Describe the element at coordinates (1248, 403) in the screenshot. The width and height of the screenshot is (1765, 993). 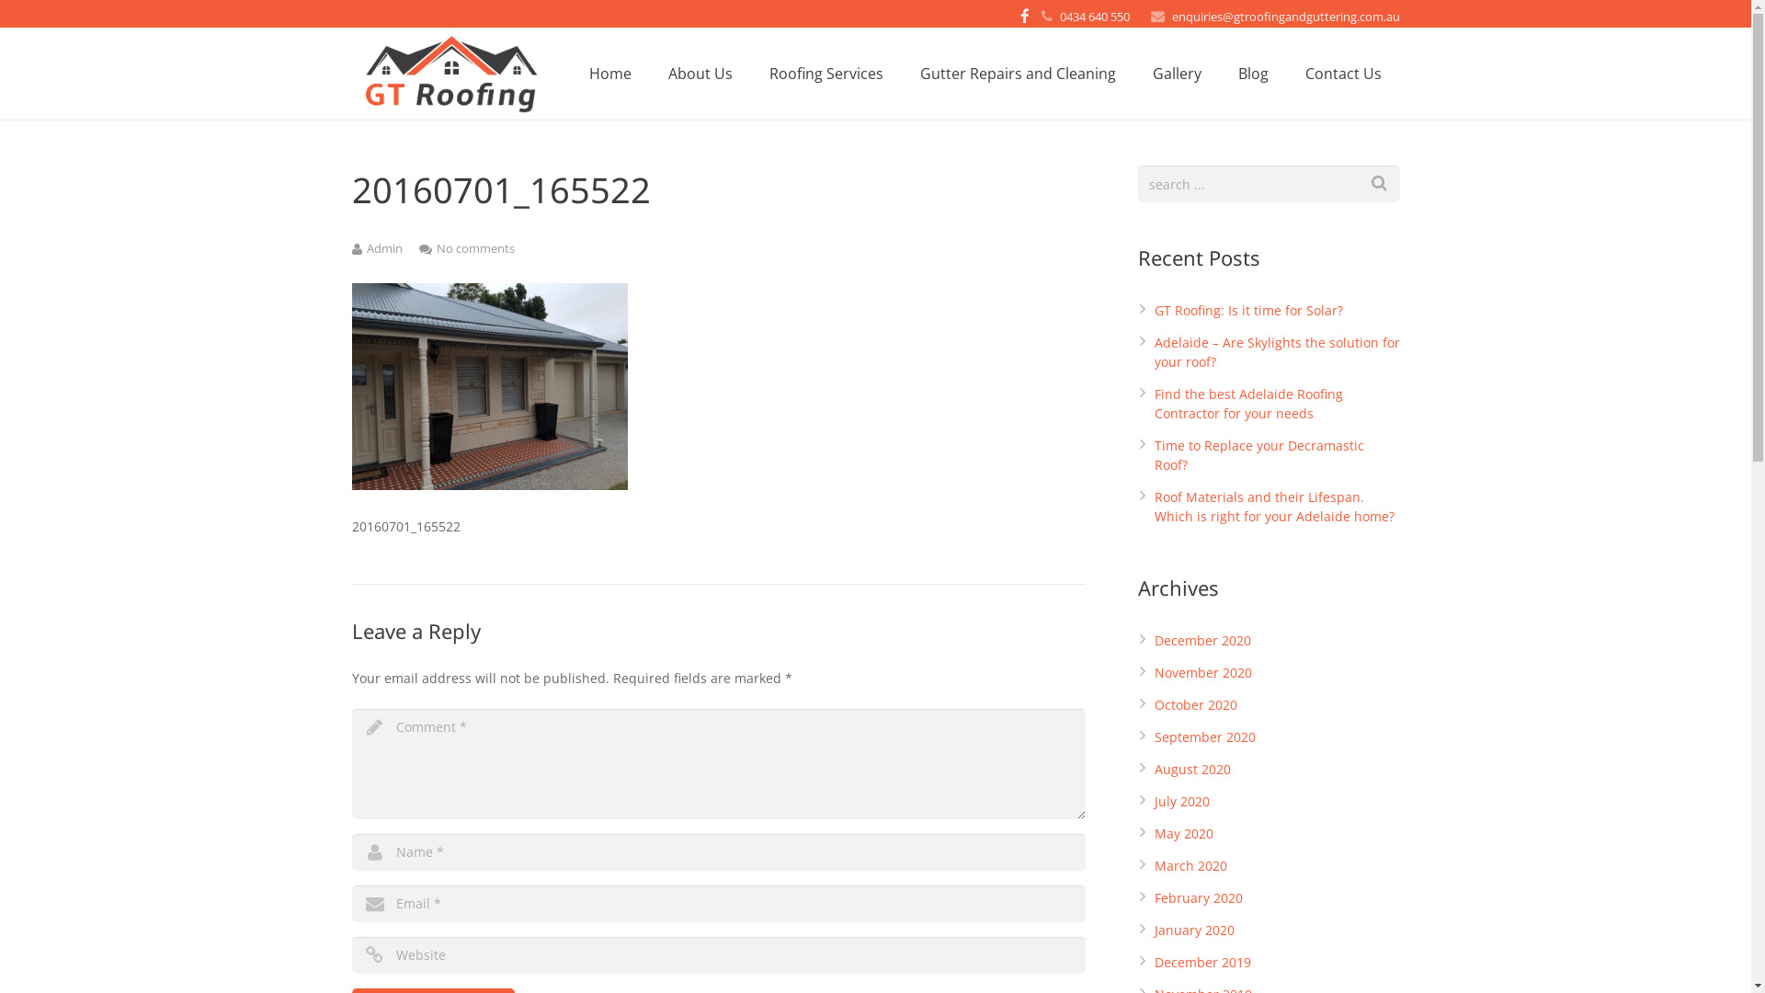
I see `'Find the best Adelaide Roofing Contractor for your needs'` at that location.